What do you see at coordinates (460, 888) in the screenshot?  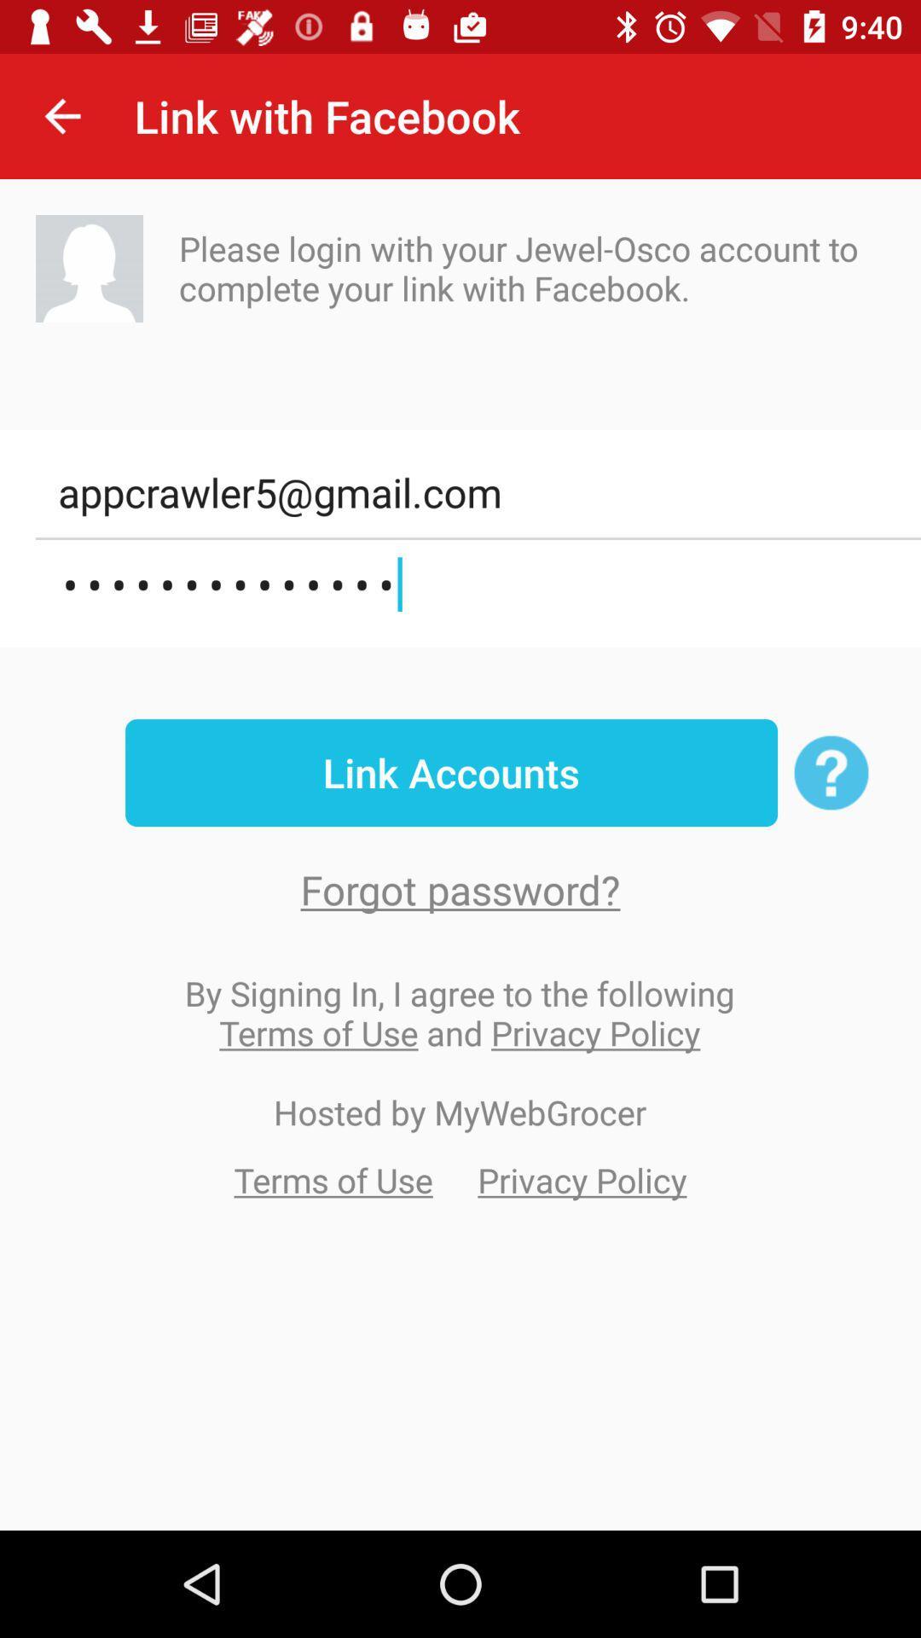 I see `item below the link accounts item` at bounding box center [460, 888].